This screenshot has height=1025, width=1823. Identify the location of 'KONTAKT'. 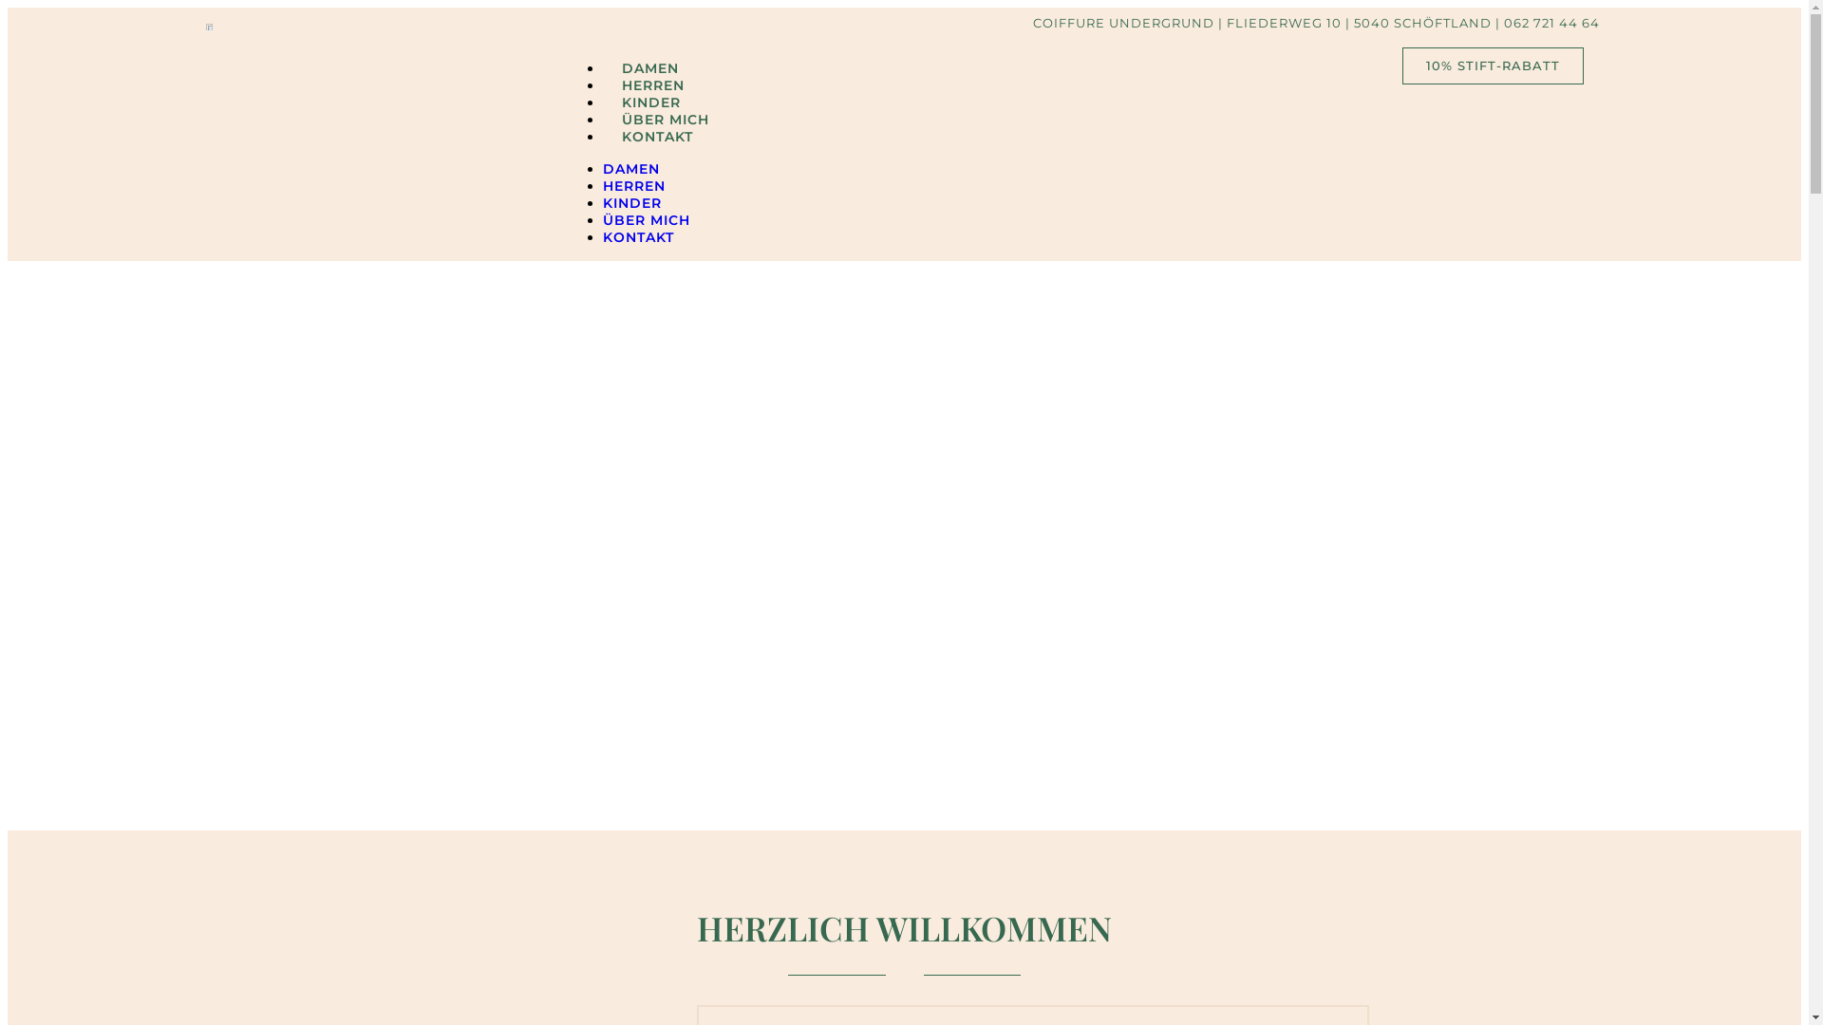
(601, 135).